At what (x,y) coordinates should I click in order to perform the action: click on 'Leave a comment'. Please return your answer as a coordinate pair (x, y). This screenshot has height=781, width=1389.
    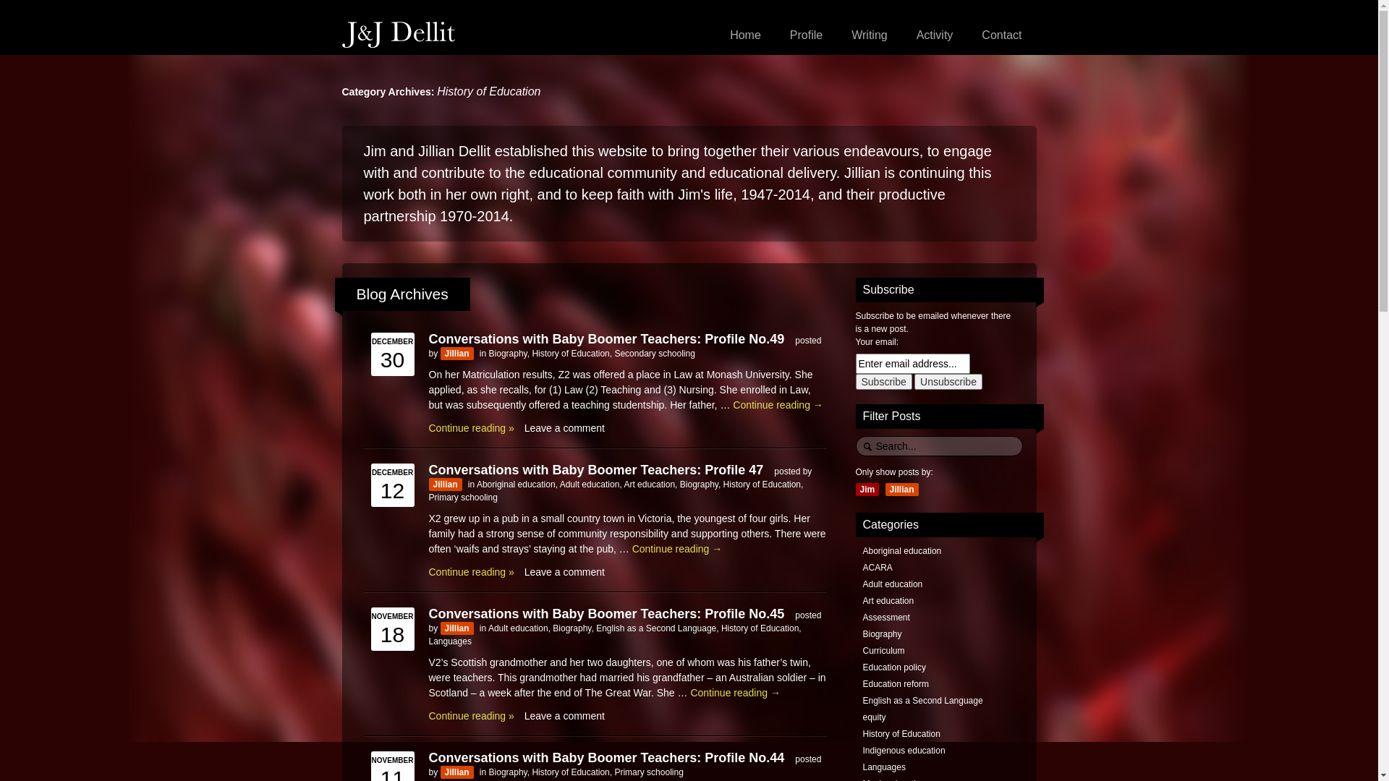
    Looking at the image, I should click on (564, 571).